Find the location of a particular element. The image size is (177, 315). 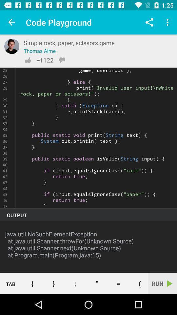

image option is located at coordinates (12, 46).